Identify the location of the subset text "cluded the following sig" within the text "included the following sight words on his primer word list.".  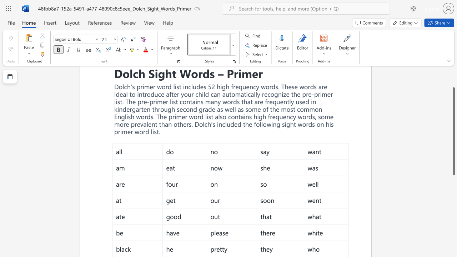
(222, 124).